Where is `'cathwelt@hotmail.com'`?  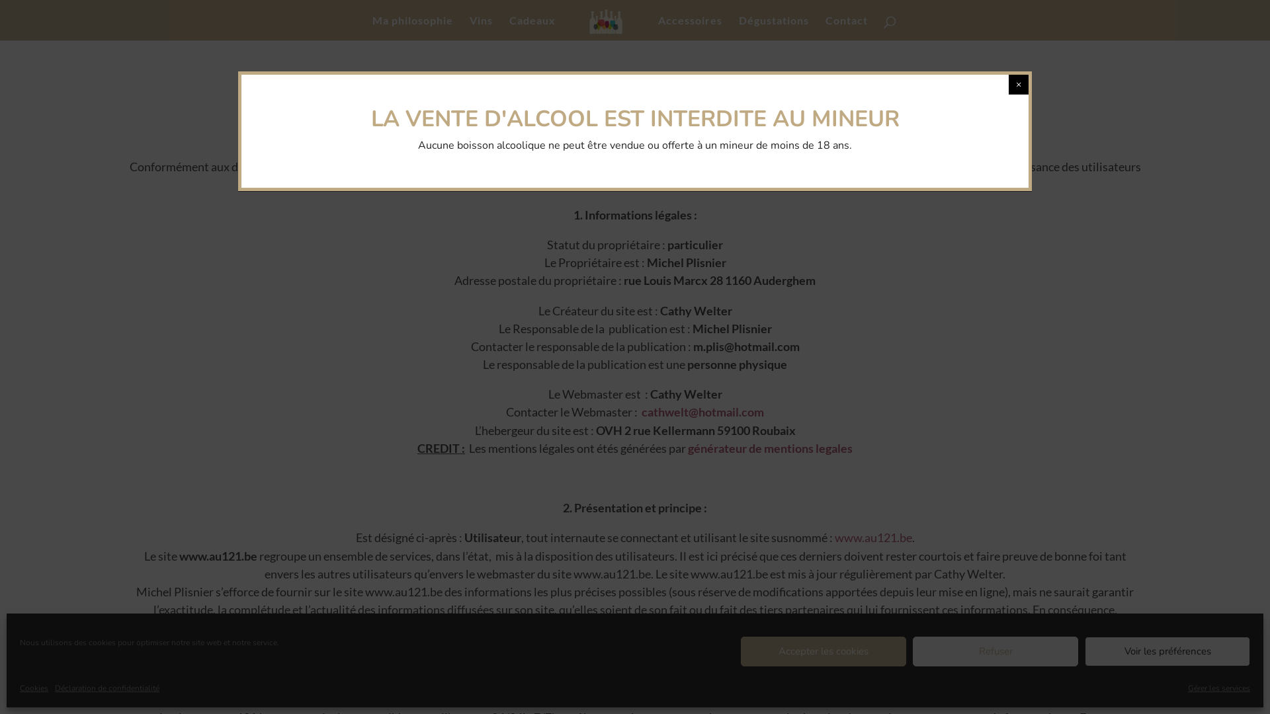
'cathwelt@hotmail.com' is located at coordinates (702, 411).